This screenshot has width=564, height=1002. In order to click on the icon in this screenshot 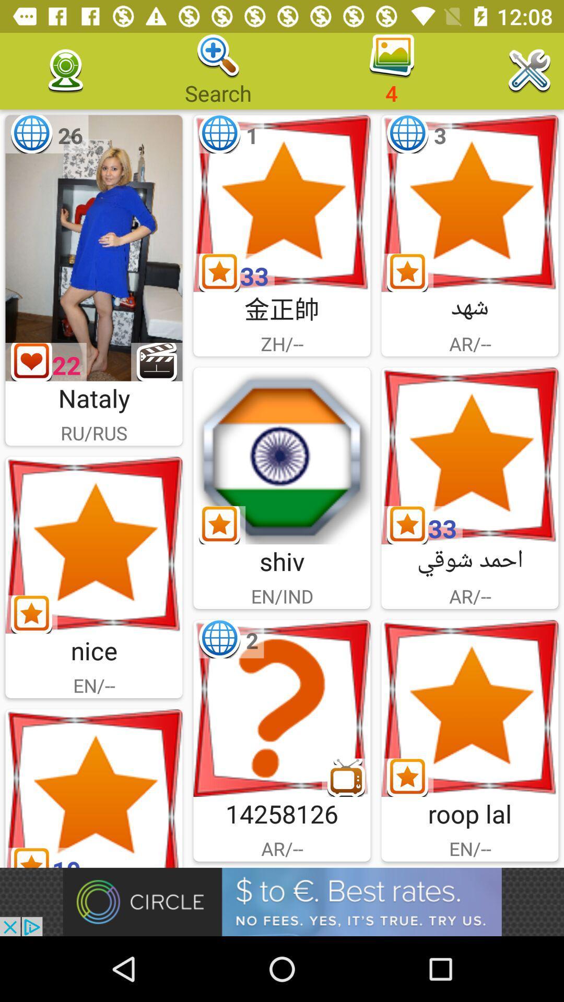, I will do `click(282, 708)`.